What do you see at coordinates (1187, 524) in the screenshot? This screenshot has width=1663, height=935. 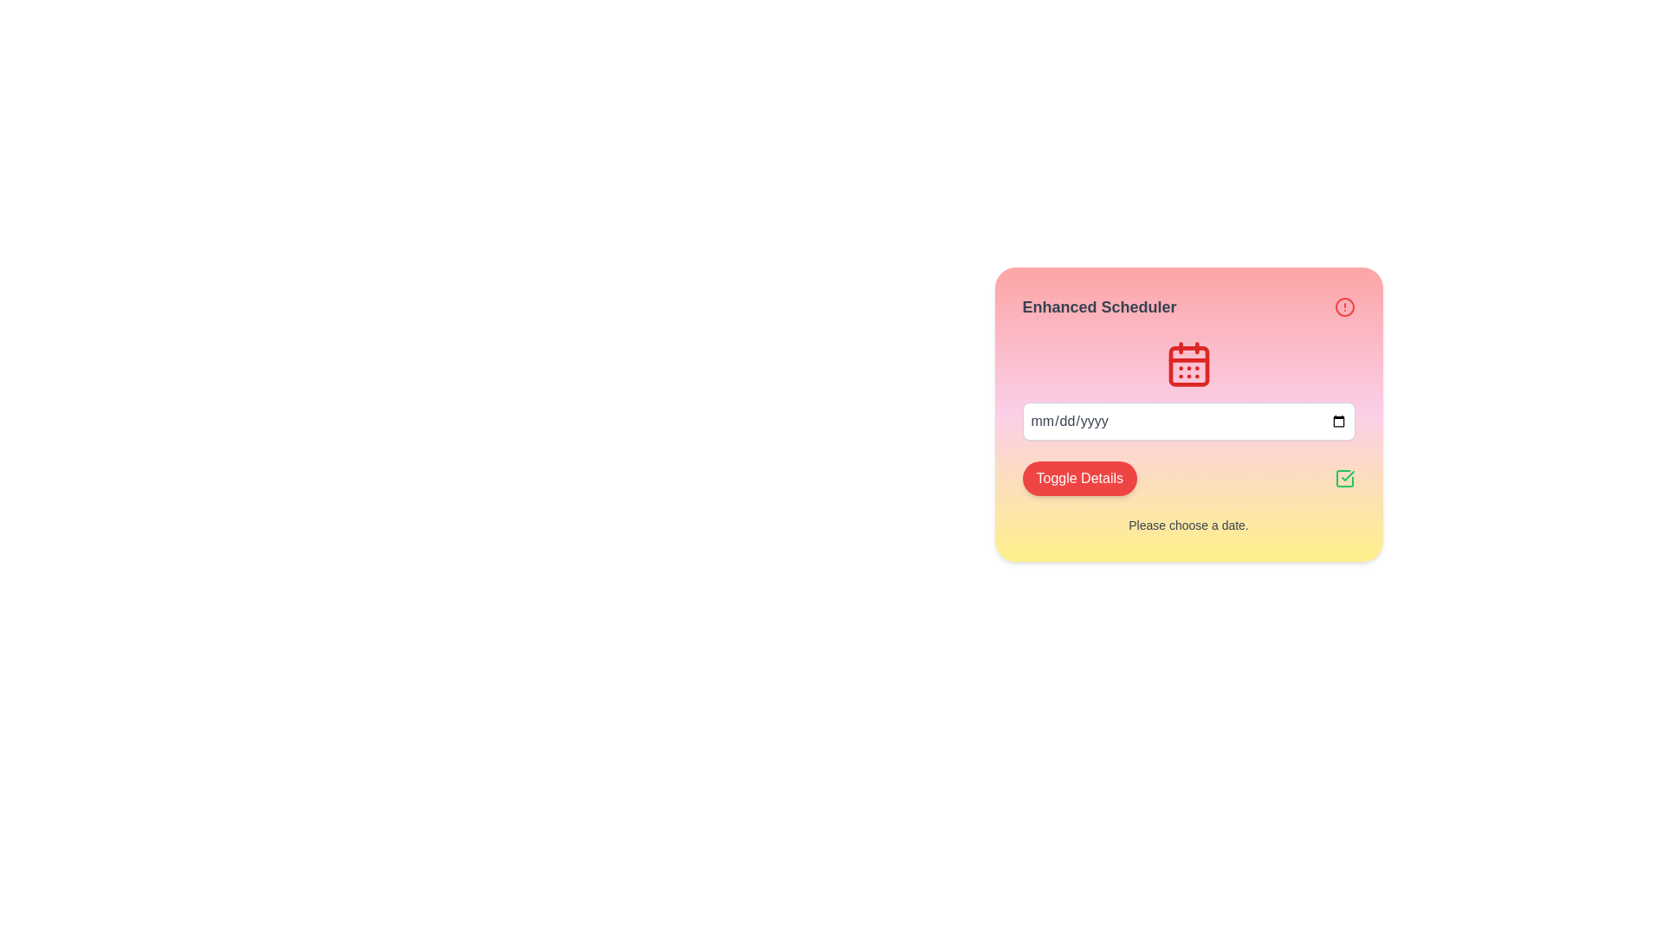 I see `the instructional label that prompts the user to select a date, located below the 'Toggle Details' button and centered horizontally within the card` at bounding box center [1187, 524].